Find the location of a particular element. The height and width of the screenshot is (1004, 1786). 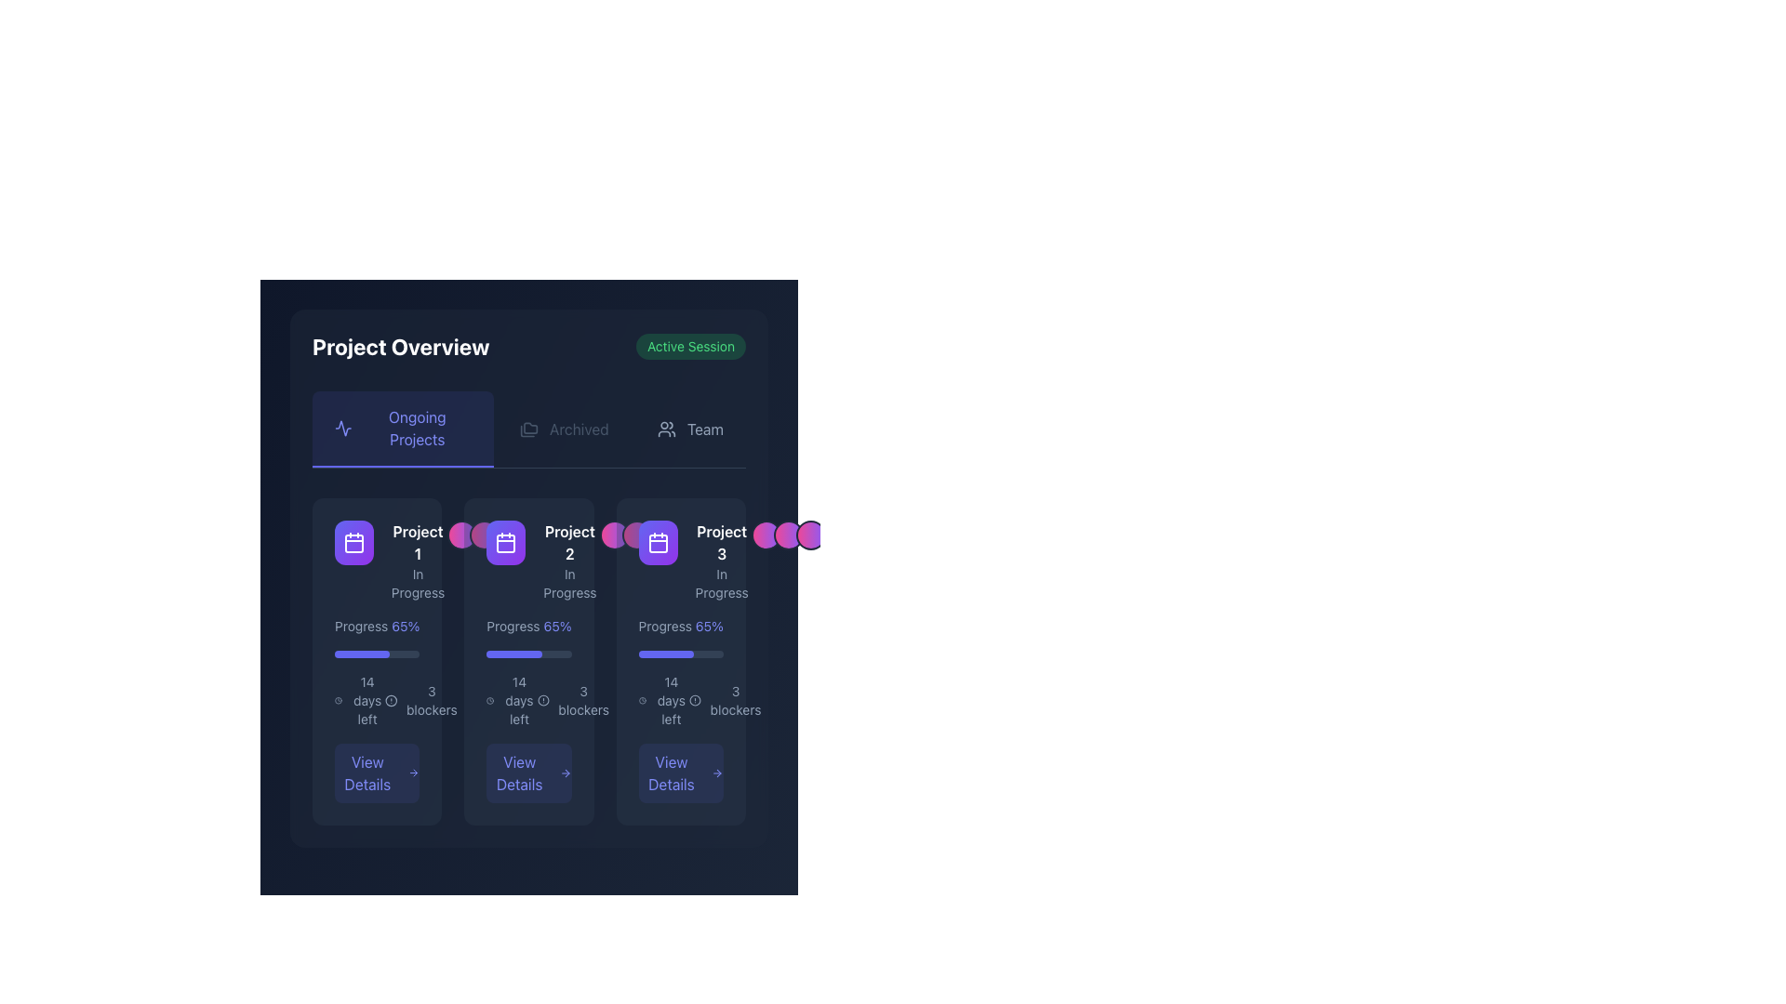

the text label displaying 'Progress' in light gray color, located within the second card of the 'Ongoing Projects' section, positioned next to the '65%' indicator is located at coordinates (513, 627).